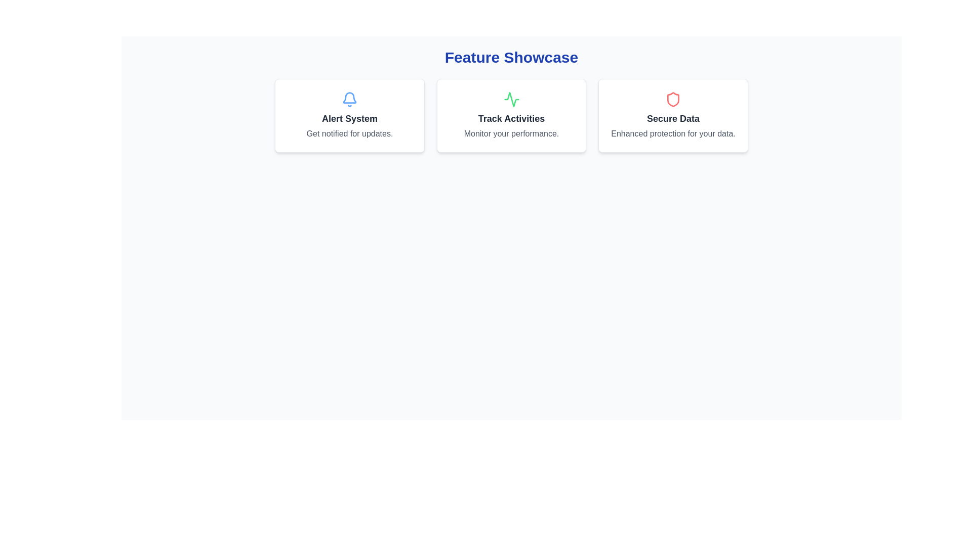 Image resolution: width=972 pixels, height=546 pixels. What do you see at coordinates (350, 98) in the screenshot?
I see `the blue bell-shaped icon located in the 'Alert System' section, positioned above the text 'Get notified for updates.'` at bounding box center [350, 98].